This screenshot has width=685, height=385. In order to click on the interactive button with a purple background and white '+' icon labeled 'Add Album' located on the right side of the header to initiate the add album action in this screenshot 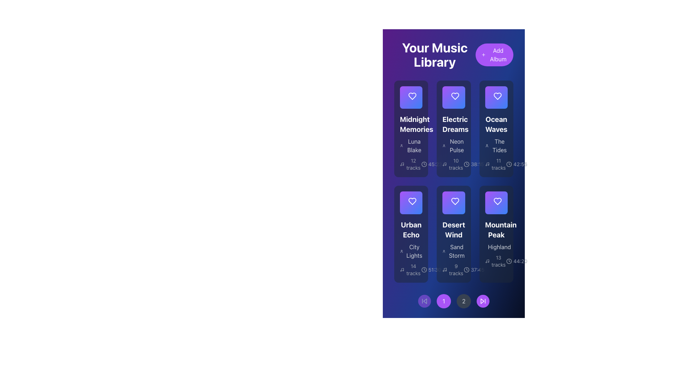, I will do `click(494, 55)`.